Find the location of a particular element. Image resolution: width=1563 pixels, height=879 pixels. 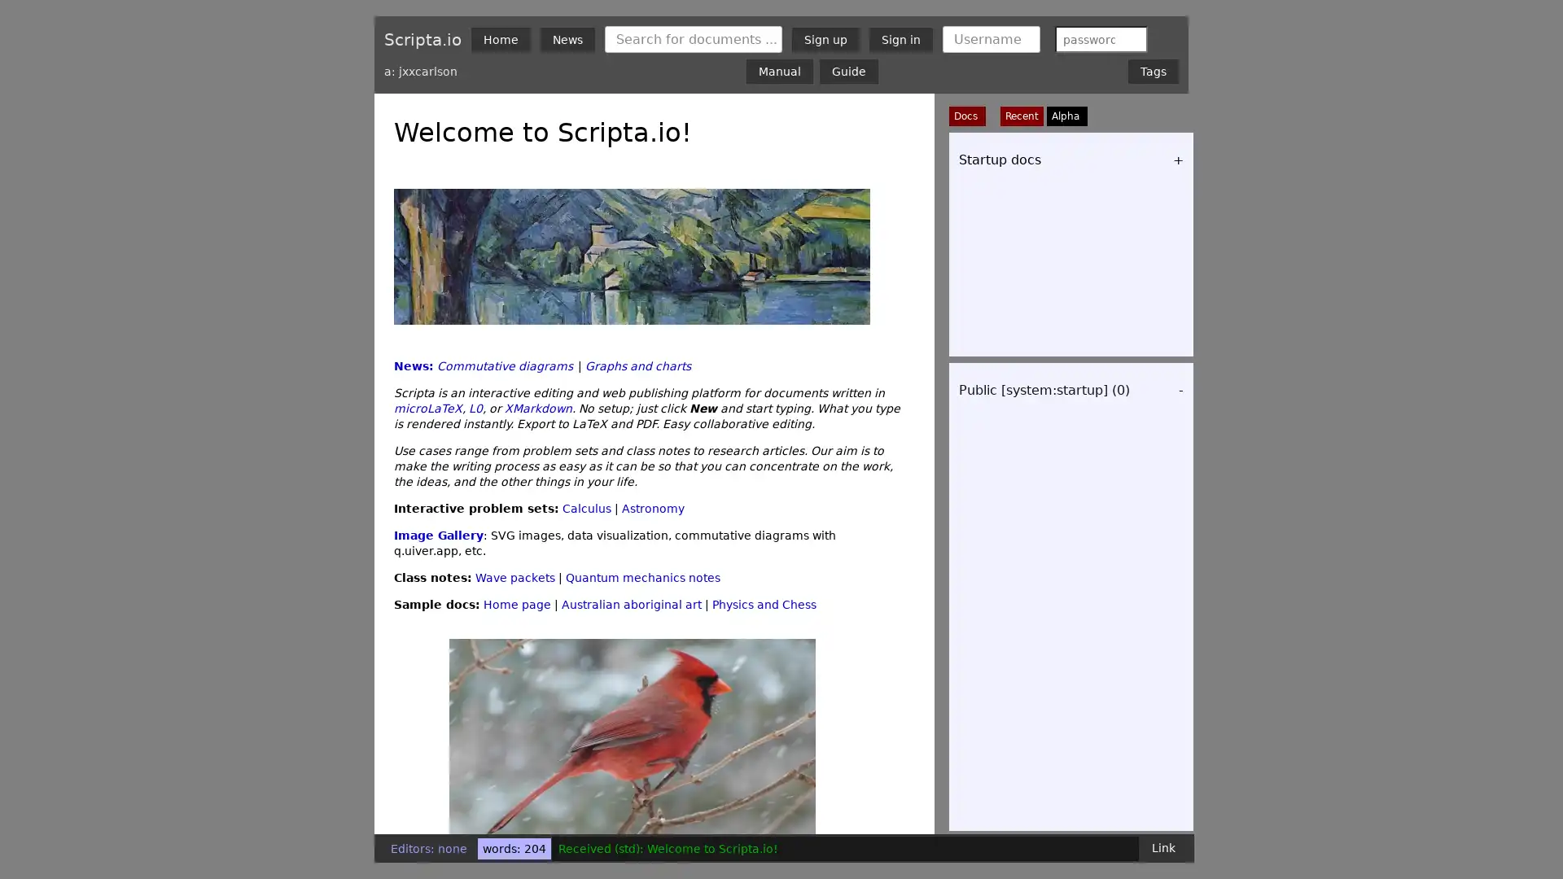

Astronomy is located at coordinates (653, 507).